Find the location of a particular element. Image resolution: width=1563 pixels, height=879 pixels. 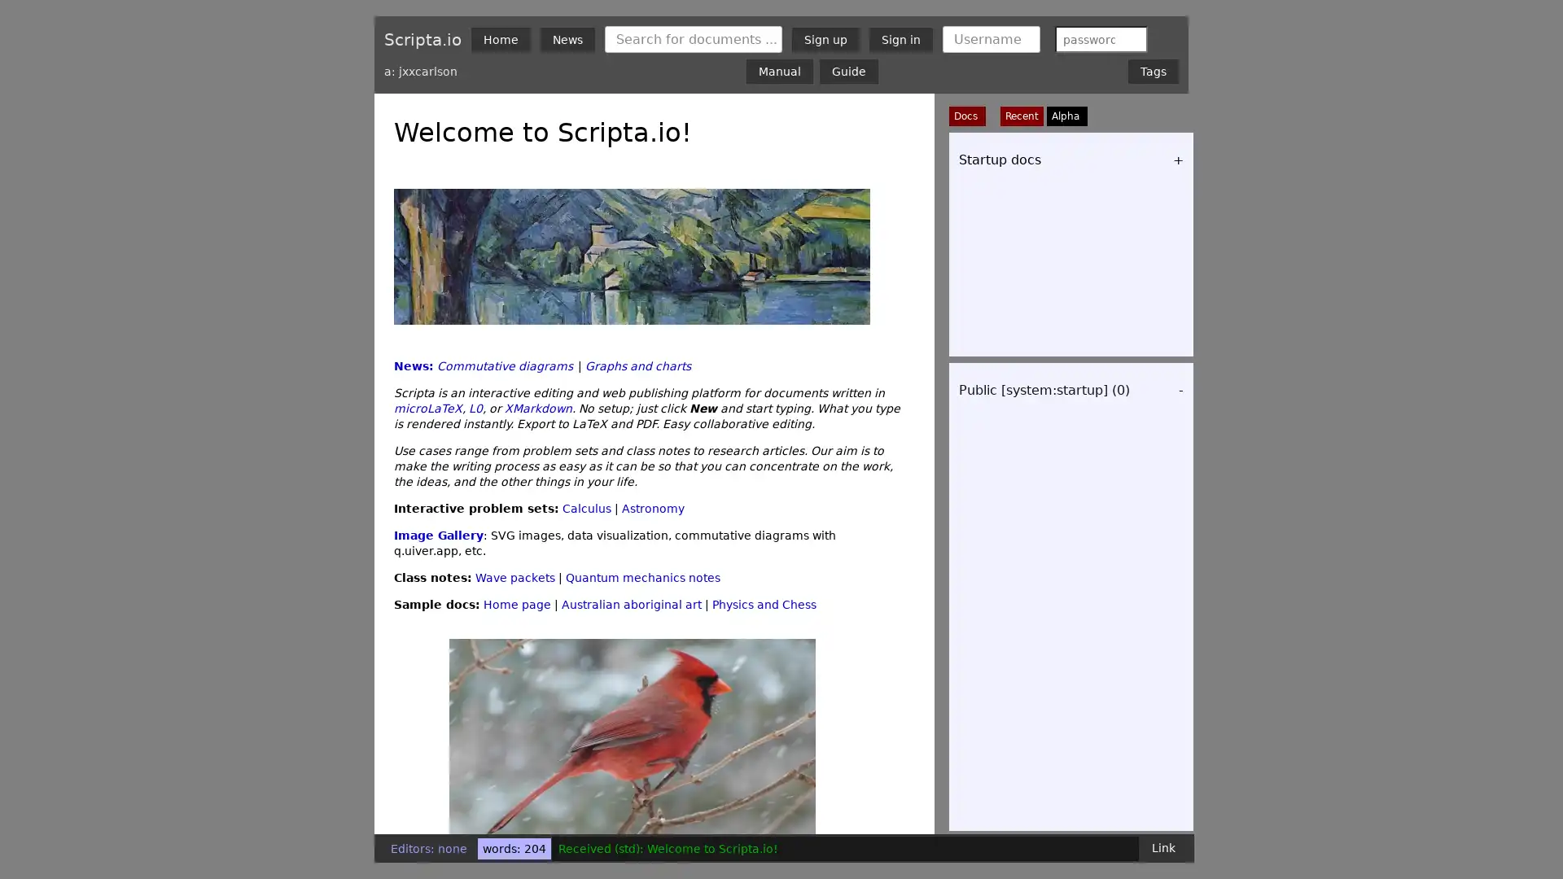

Astronomy is located at coordinates (653, 507).